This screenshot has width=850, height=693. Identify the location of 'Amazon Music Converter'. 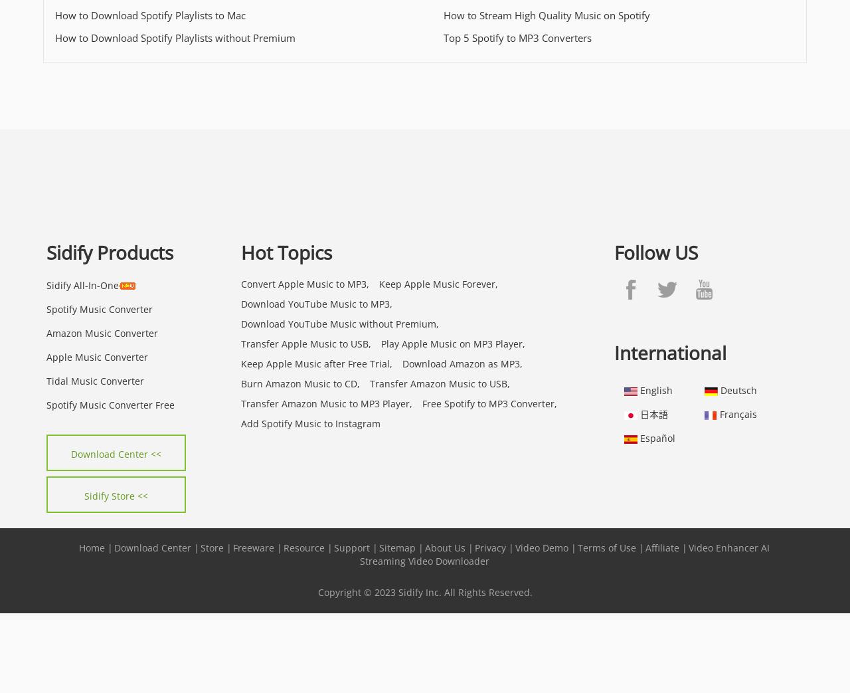
(101, 332).